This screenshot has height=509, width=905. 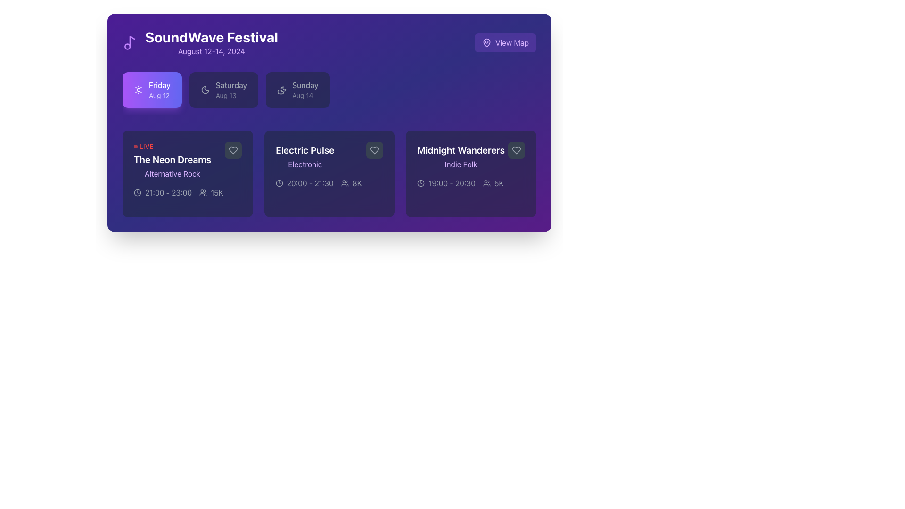 I want to click on the icon representing the number of attendees or followers next to the '8K' text within the 'Electric Pulse' event card, so click(x=344, y=183).